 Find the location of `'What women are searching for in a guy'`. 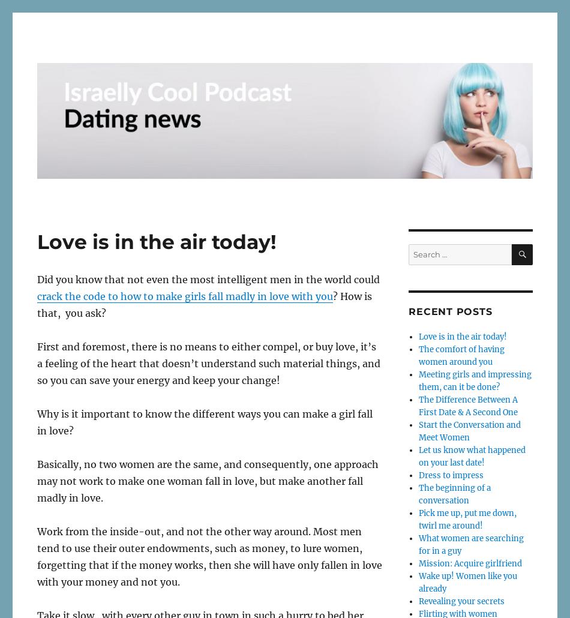

'What women are searching for in a guy' is located at coordinates (470, 544).